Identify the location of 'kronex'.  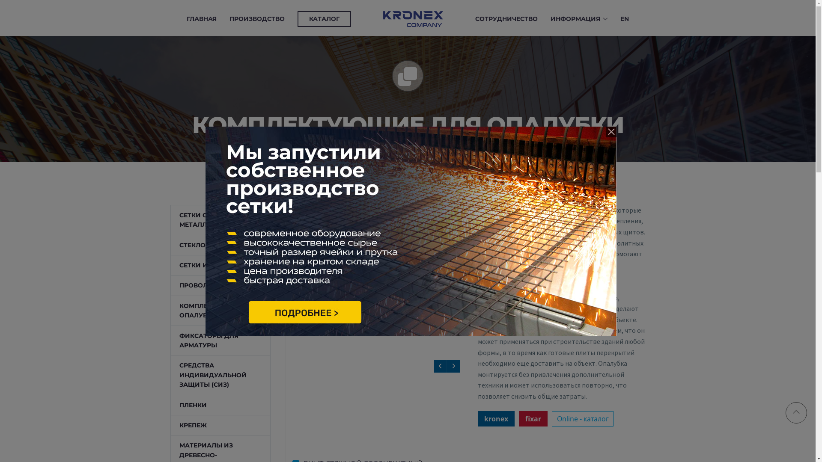
(496, 418).